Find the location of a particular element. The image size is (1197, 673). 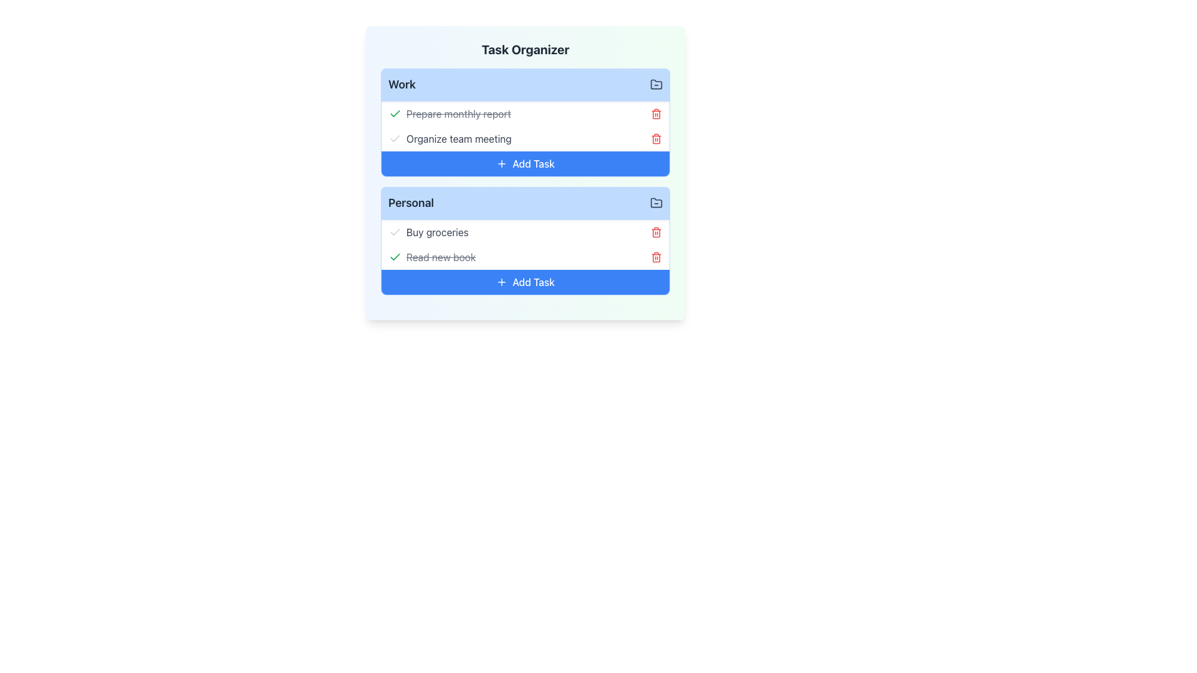

the checkmark icon indicating that the task 'Read new book' has been marked as completed in the 'Personal' tasks section of the 'Task Organizer' interface is located at coordinates (394, 256).